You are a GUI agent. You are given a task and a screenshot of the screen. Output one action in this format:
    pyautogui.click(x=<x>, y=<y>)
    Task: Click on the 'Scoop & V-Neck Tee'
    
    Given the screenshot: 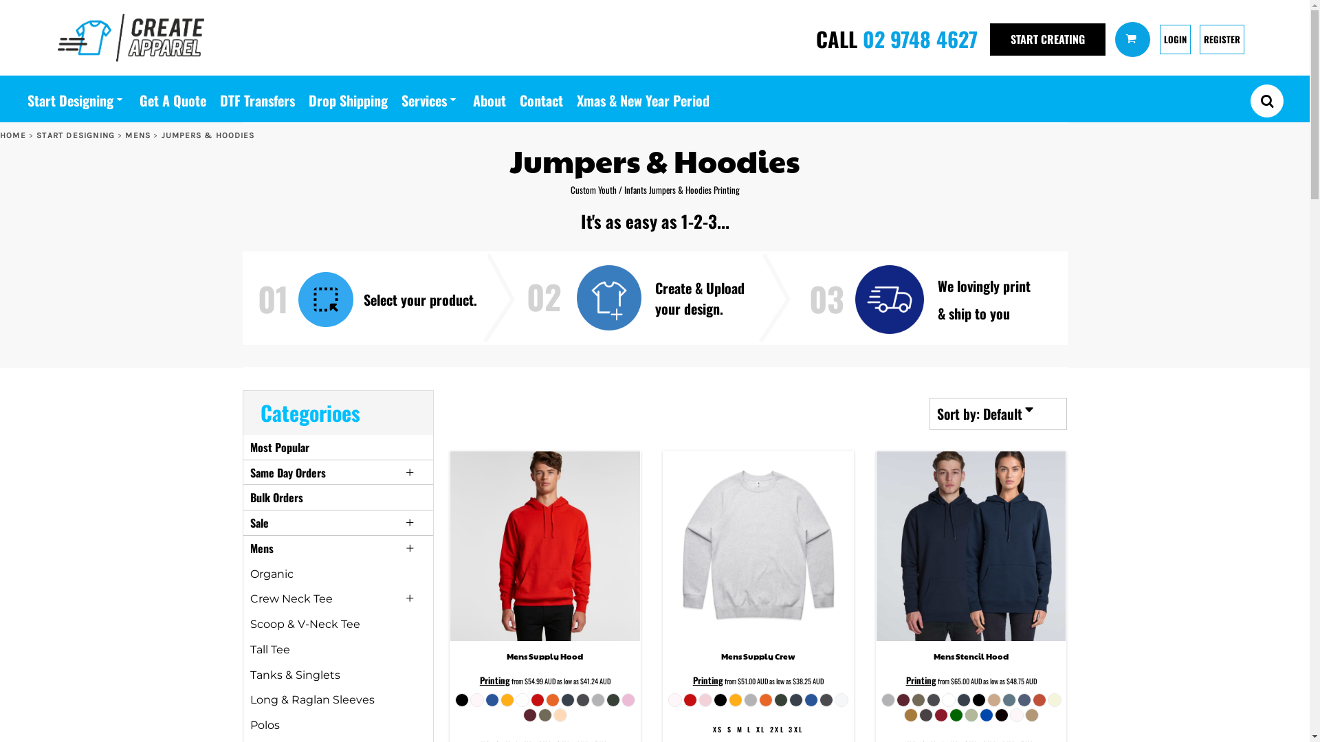 What is the action you would take?
    pyautogui.click(x=304, y=624)
    